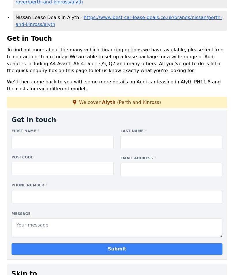 The image size is (234, 275). I want to click on 'We'll then come back to you with some more details on Audi car leasing in Alyth PH11 8 and the costs for each different model.', so click(114, 85).